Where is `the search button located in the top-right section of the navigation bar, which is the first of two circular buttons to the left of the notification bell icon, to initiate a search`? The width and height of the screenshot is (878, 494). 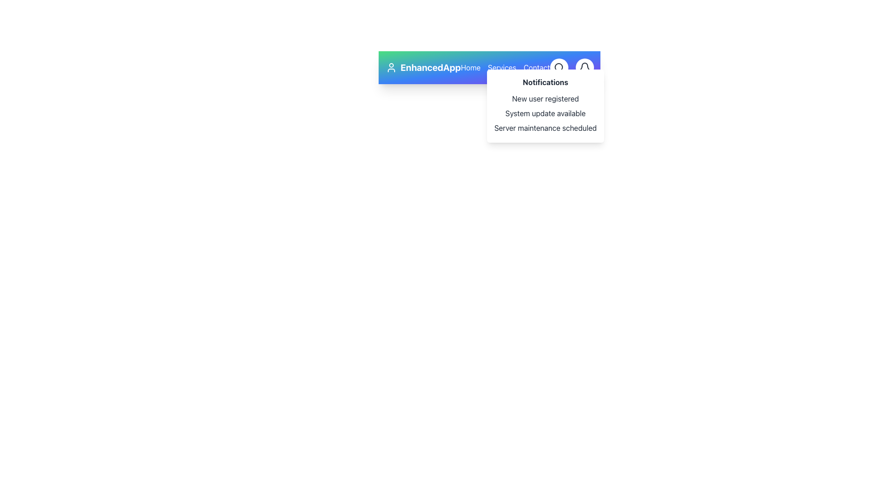 the search button located in the top-right section of the navigation bar, which is the first of two circular buttons to the left of the notification bell icon, to initiate a search is located at coordinates (558, 67).